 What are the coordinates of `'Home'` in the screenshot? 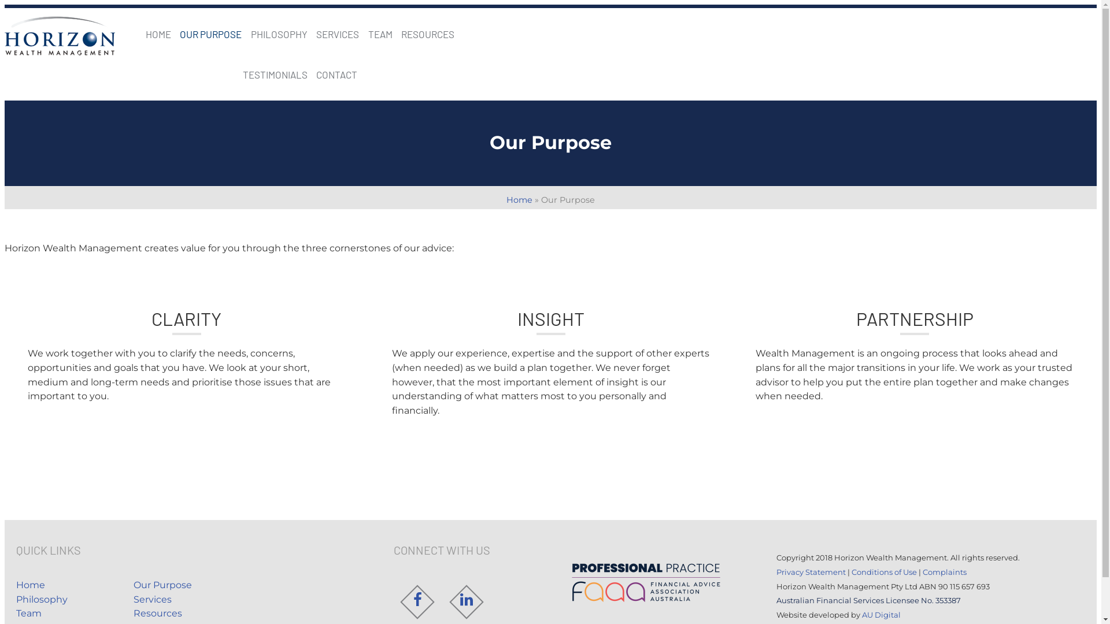 It's located at (30, 585).